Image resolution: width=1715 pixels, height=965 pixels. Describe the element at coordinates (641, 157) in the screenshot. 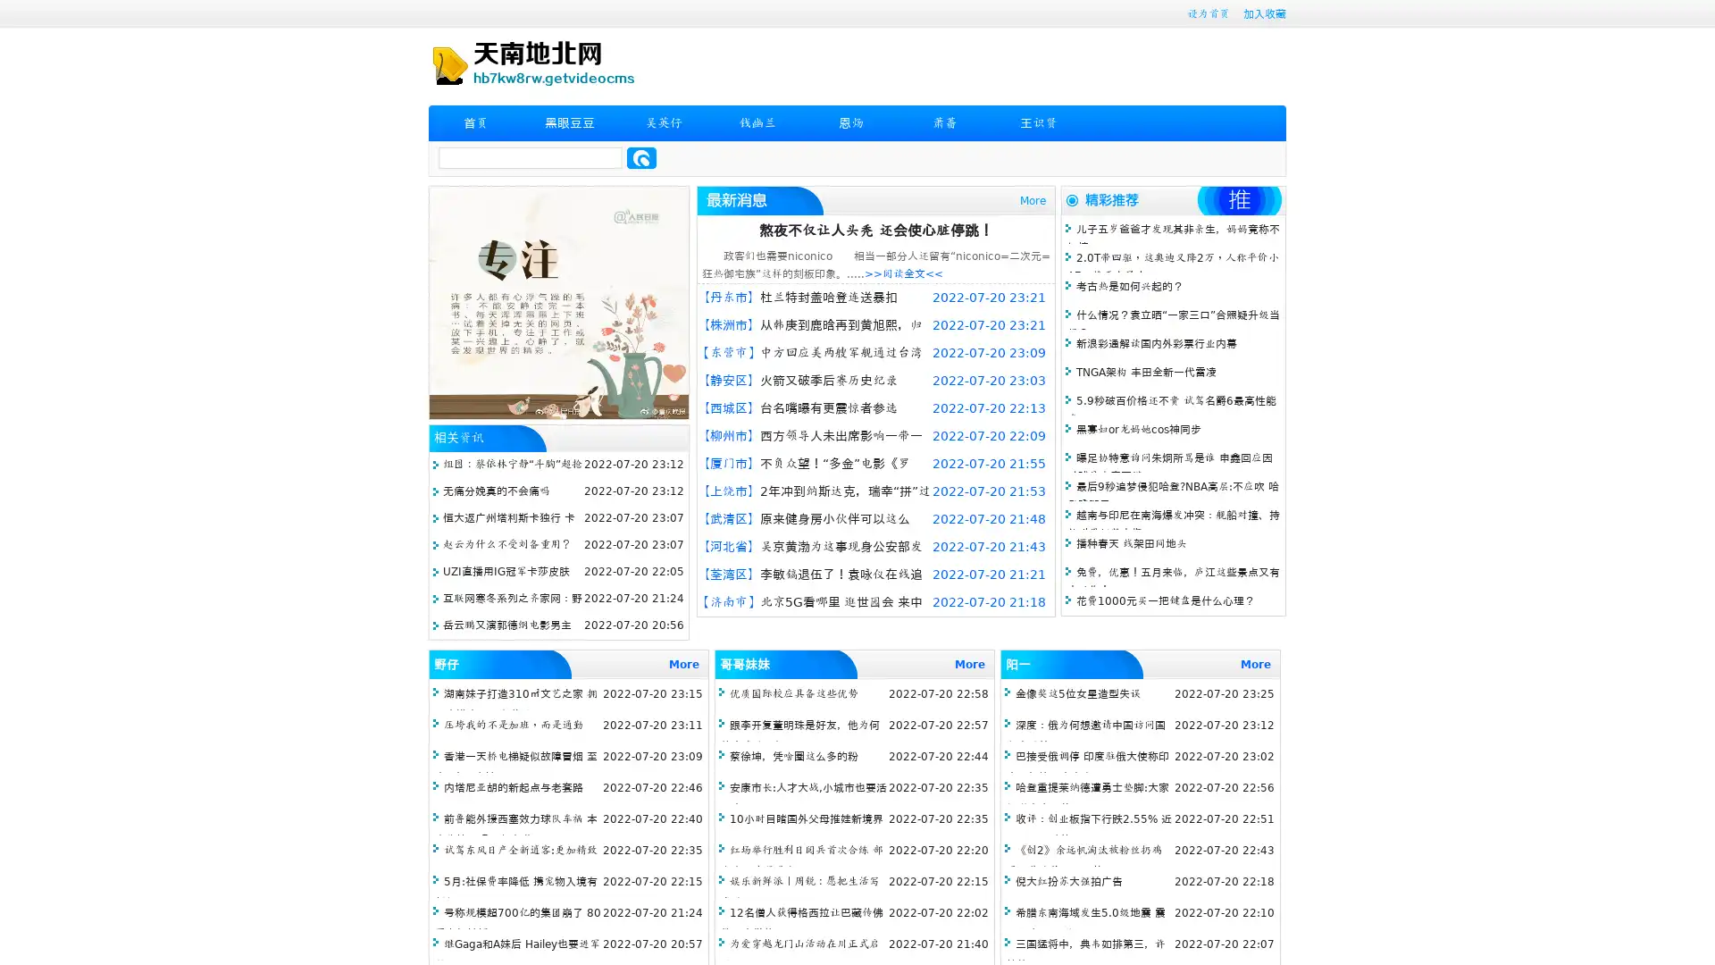

I see `Search` at that location.